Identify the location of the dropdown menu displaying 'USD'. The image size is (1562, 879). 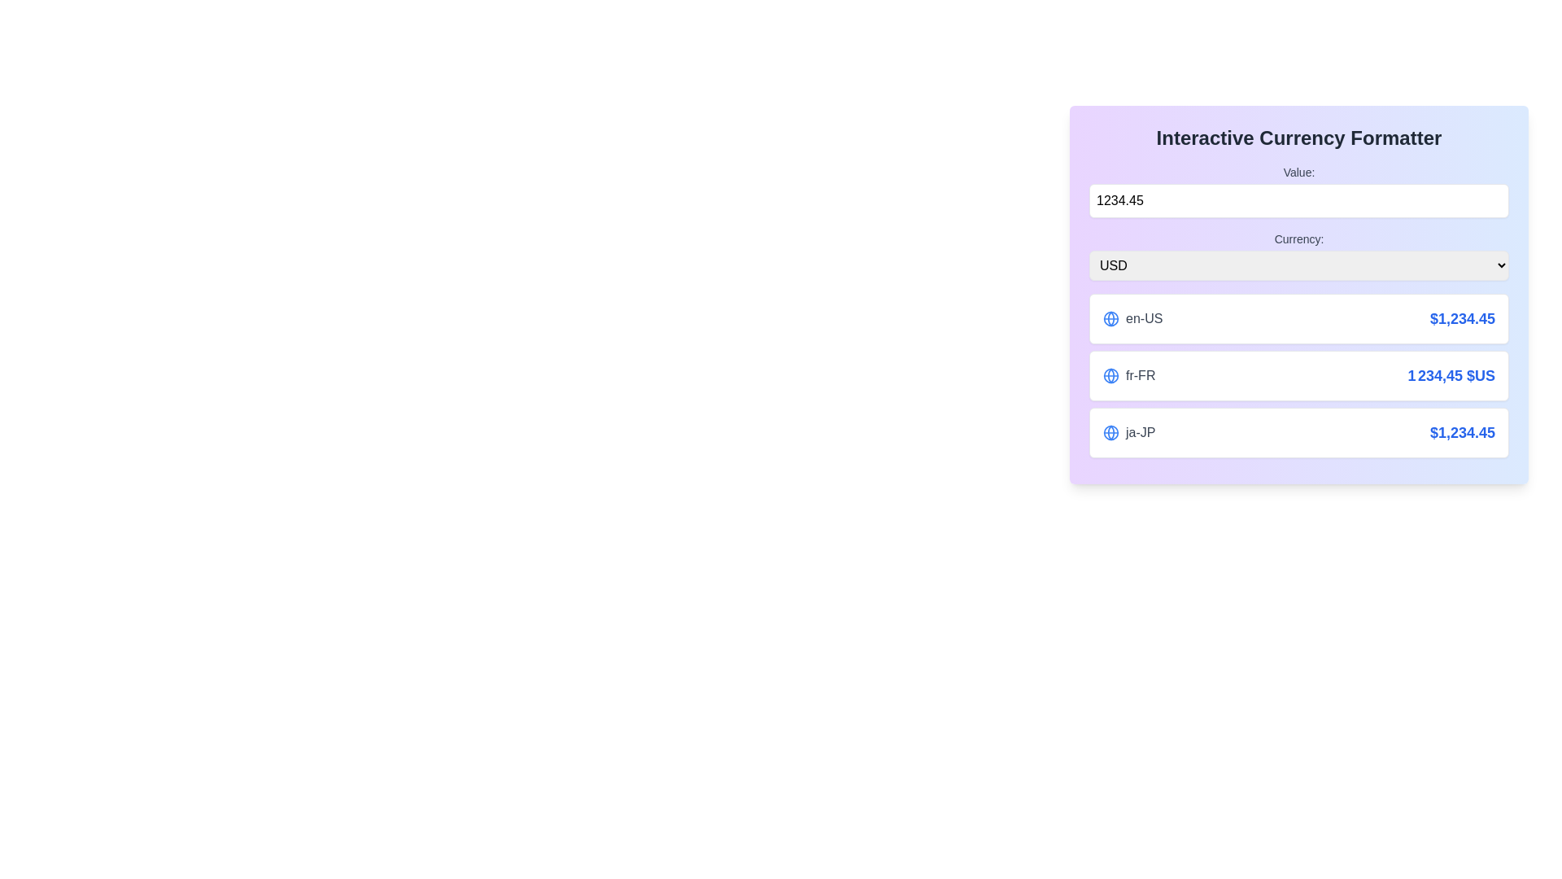
(1298, 265).